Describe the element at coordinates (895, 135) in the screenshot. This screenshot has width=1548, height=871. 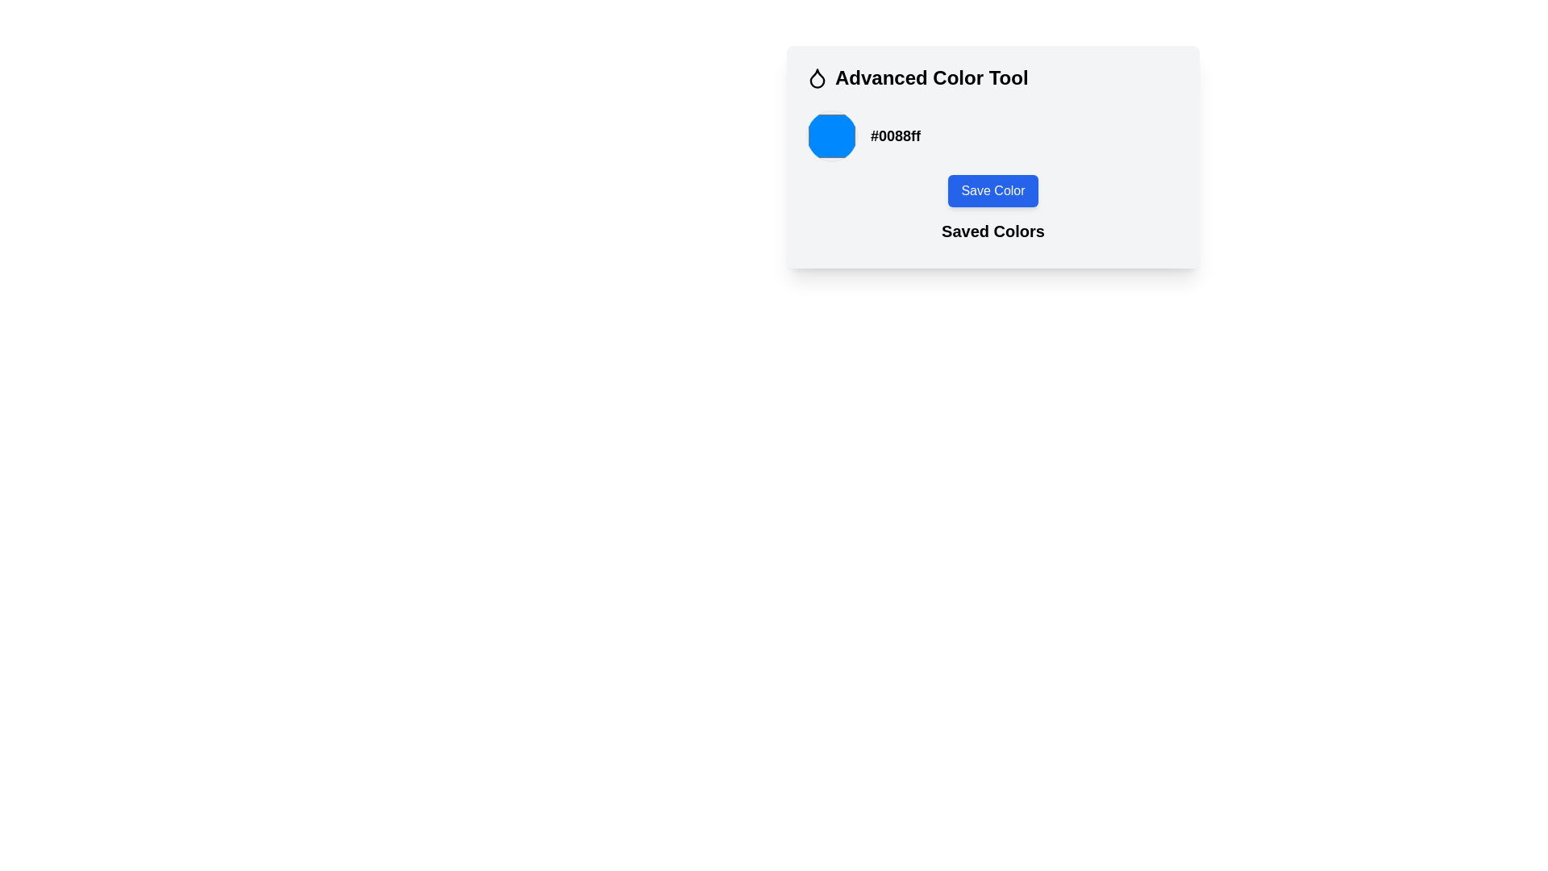
I see `the text element displaying the hexadecimal color code next to the blue circular visual indicator` at that location.